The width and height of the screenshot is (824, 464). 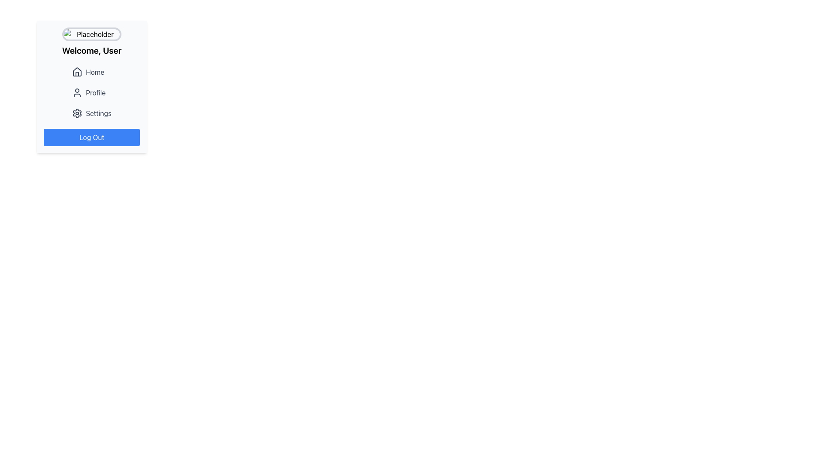 I want to click on the 'Settings' icon located in the settings menu area, positioned next to the clickable text labeled 'Settings', so click(x=77, y=113).